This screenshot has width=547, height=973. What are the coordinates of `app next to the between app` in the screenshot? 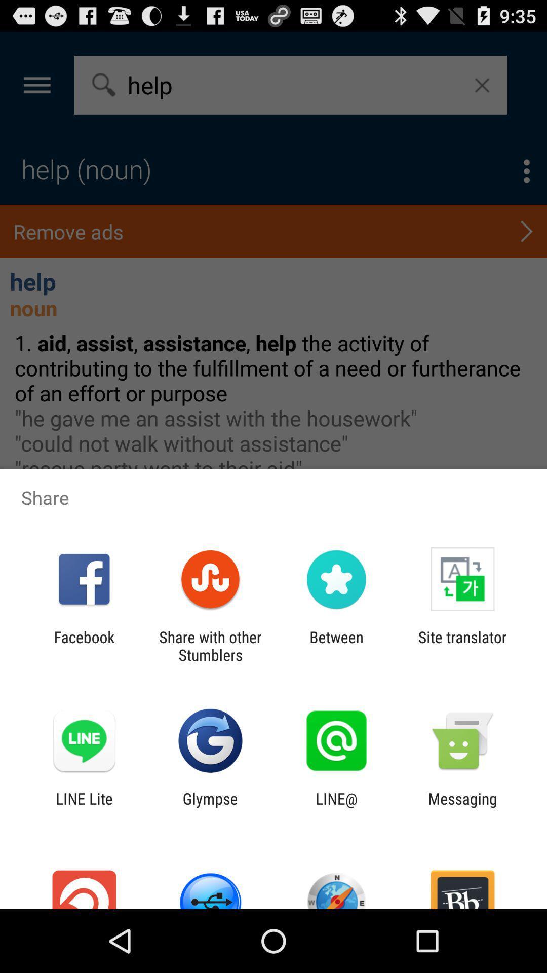 It's located at (462, 646).